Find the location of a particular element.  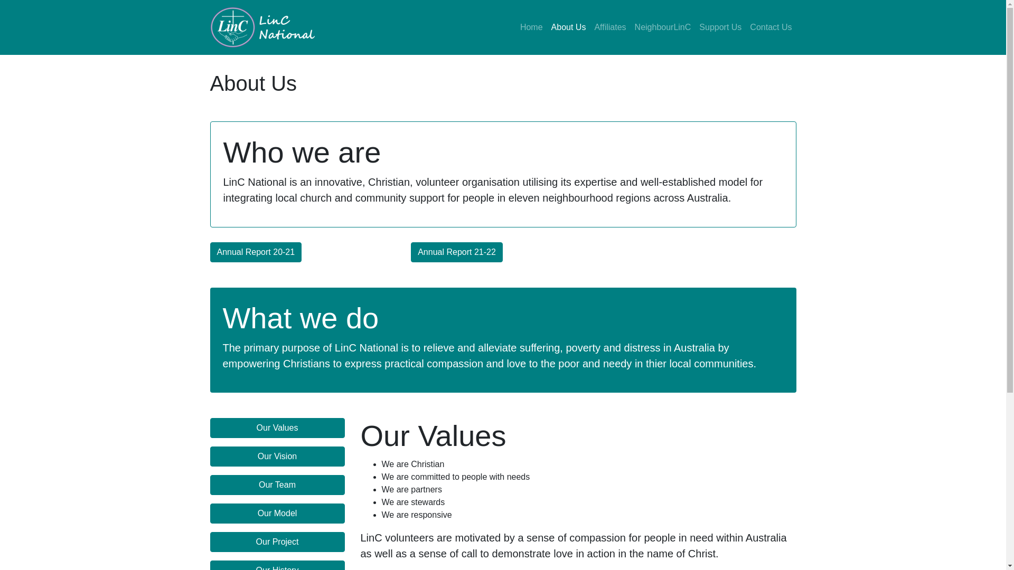

'About Us' is located at coordinates (568, 26).